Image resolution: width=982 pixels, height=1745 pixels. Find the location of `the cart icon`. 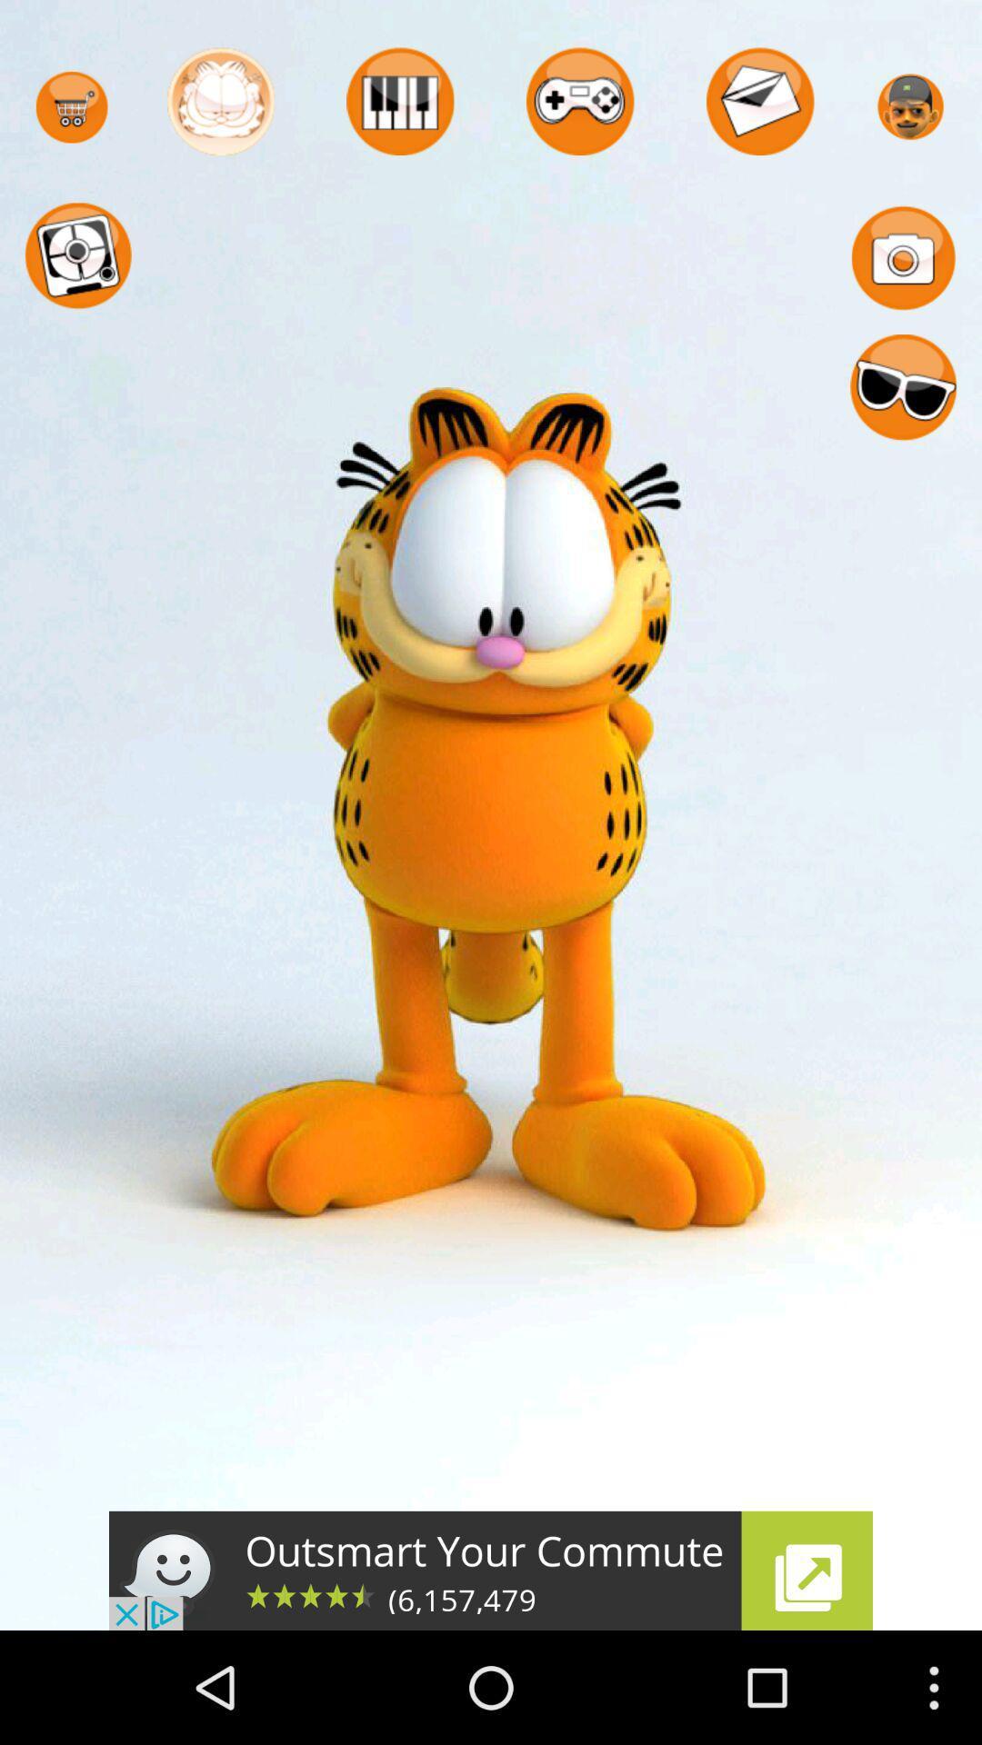

the cart icon is located at coordinates (71, 114).